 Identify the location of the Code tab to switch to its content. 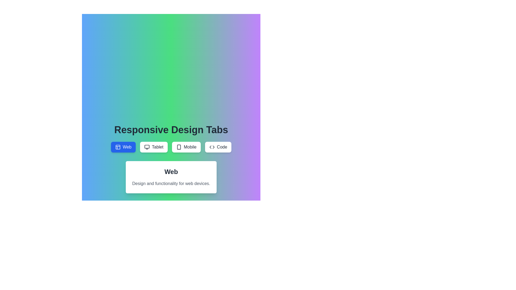
(218, 147).